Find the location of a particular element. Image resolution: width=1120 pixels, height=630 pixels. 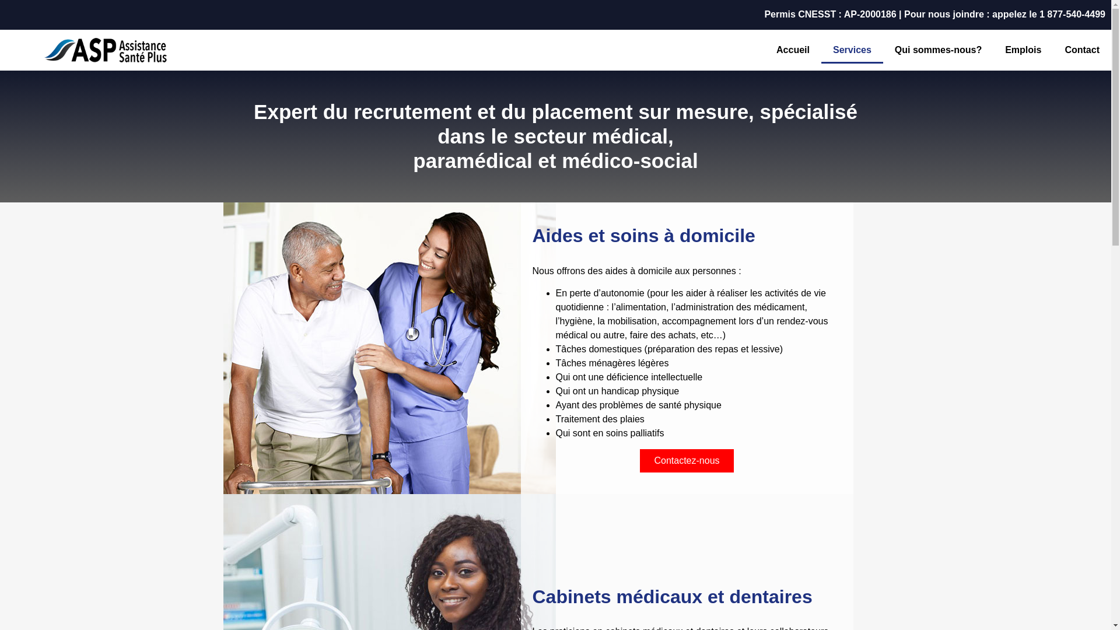

'Contact' is located at coordinates (1081, 49).